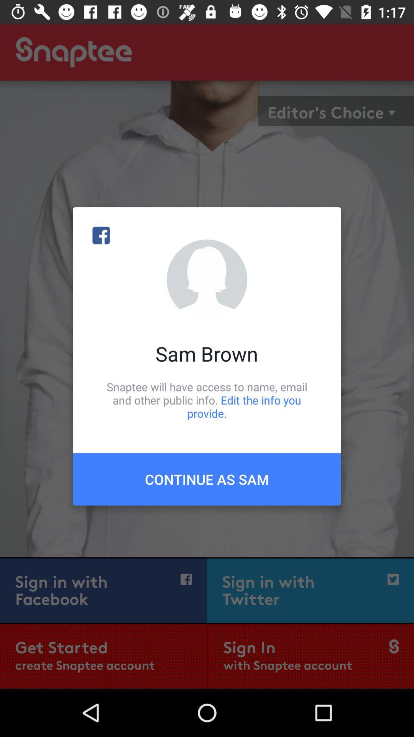 This screenshot has height=737, width=414. Describe the element at coordinates (207, 479) in the screenshot. I see `the continue as sam` at that location.